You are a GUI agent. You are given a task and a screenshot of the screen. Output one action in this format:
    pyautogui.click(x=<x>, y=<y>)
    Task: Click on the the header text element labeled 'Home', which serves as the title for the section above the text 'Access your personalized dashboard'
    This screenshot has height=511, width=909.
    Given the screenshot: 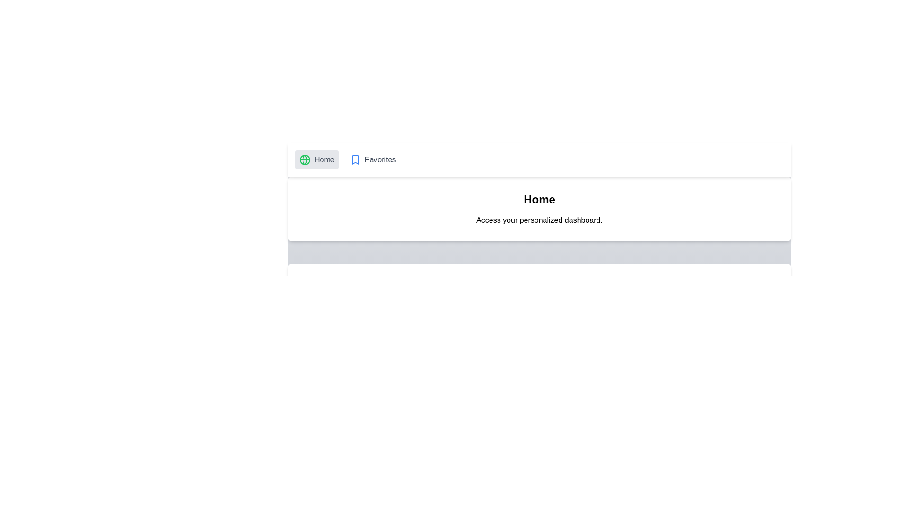 What is the action you would take?
    pyautogui.click(x=539, y=199)
    